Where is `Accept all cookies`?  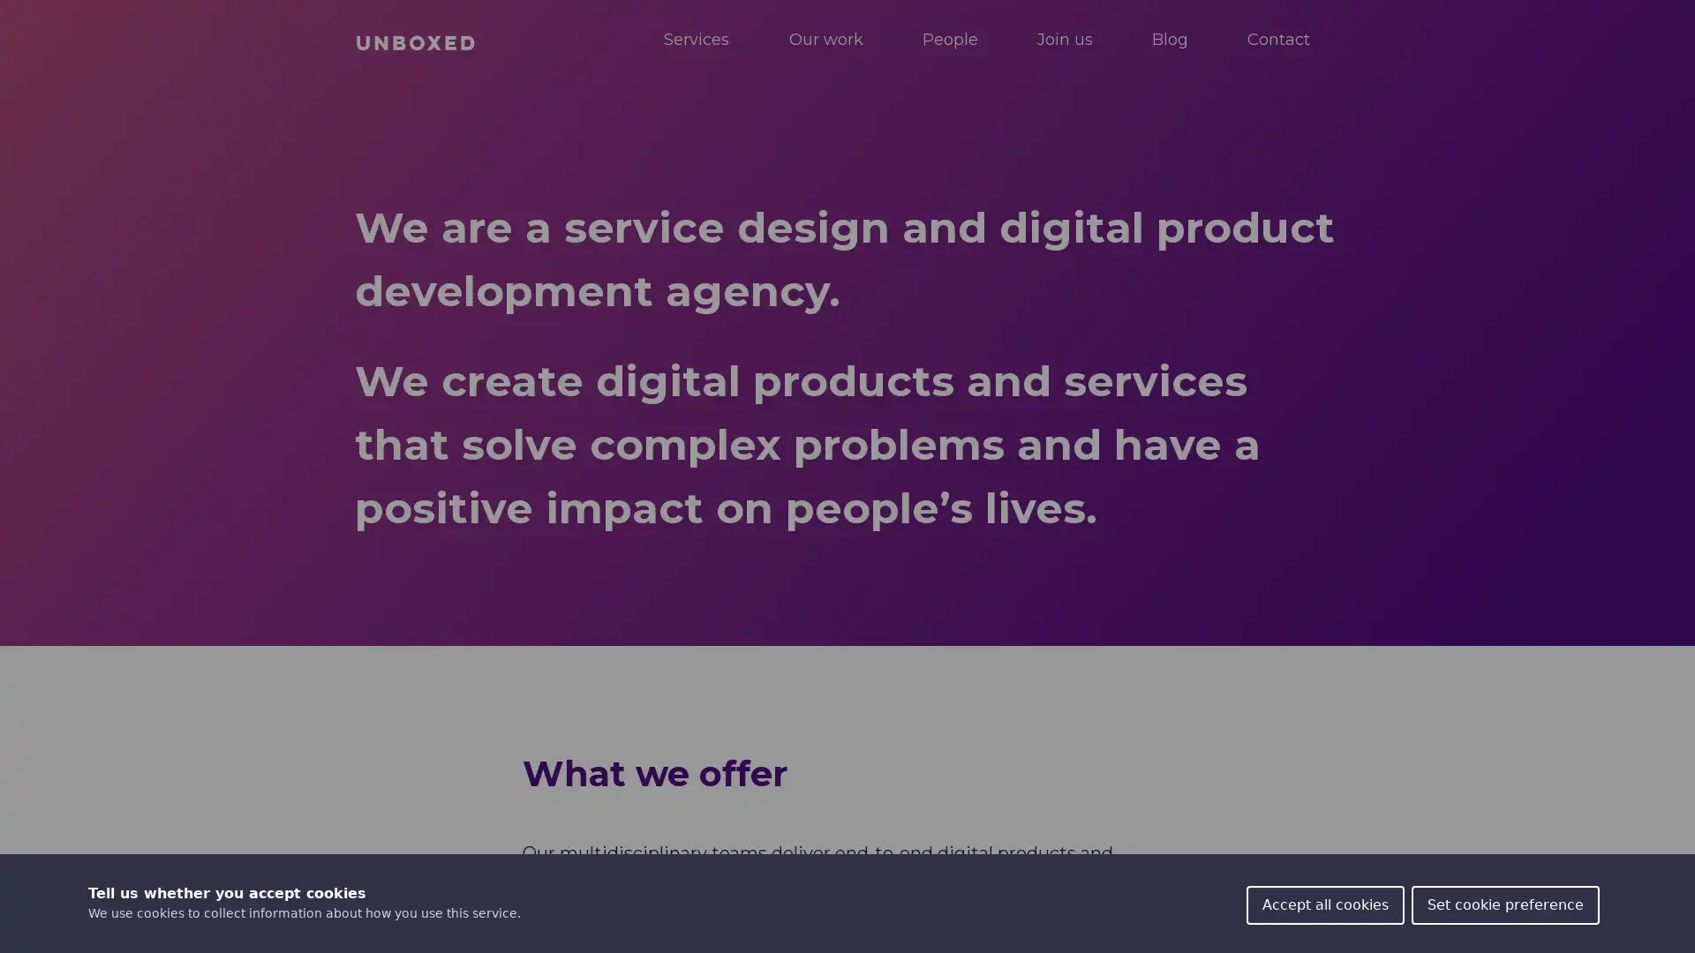
Accept all cookies is located at coordinates (1325, 905).